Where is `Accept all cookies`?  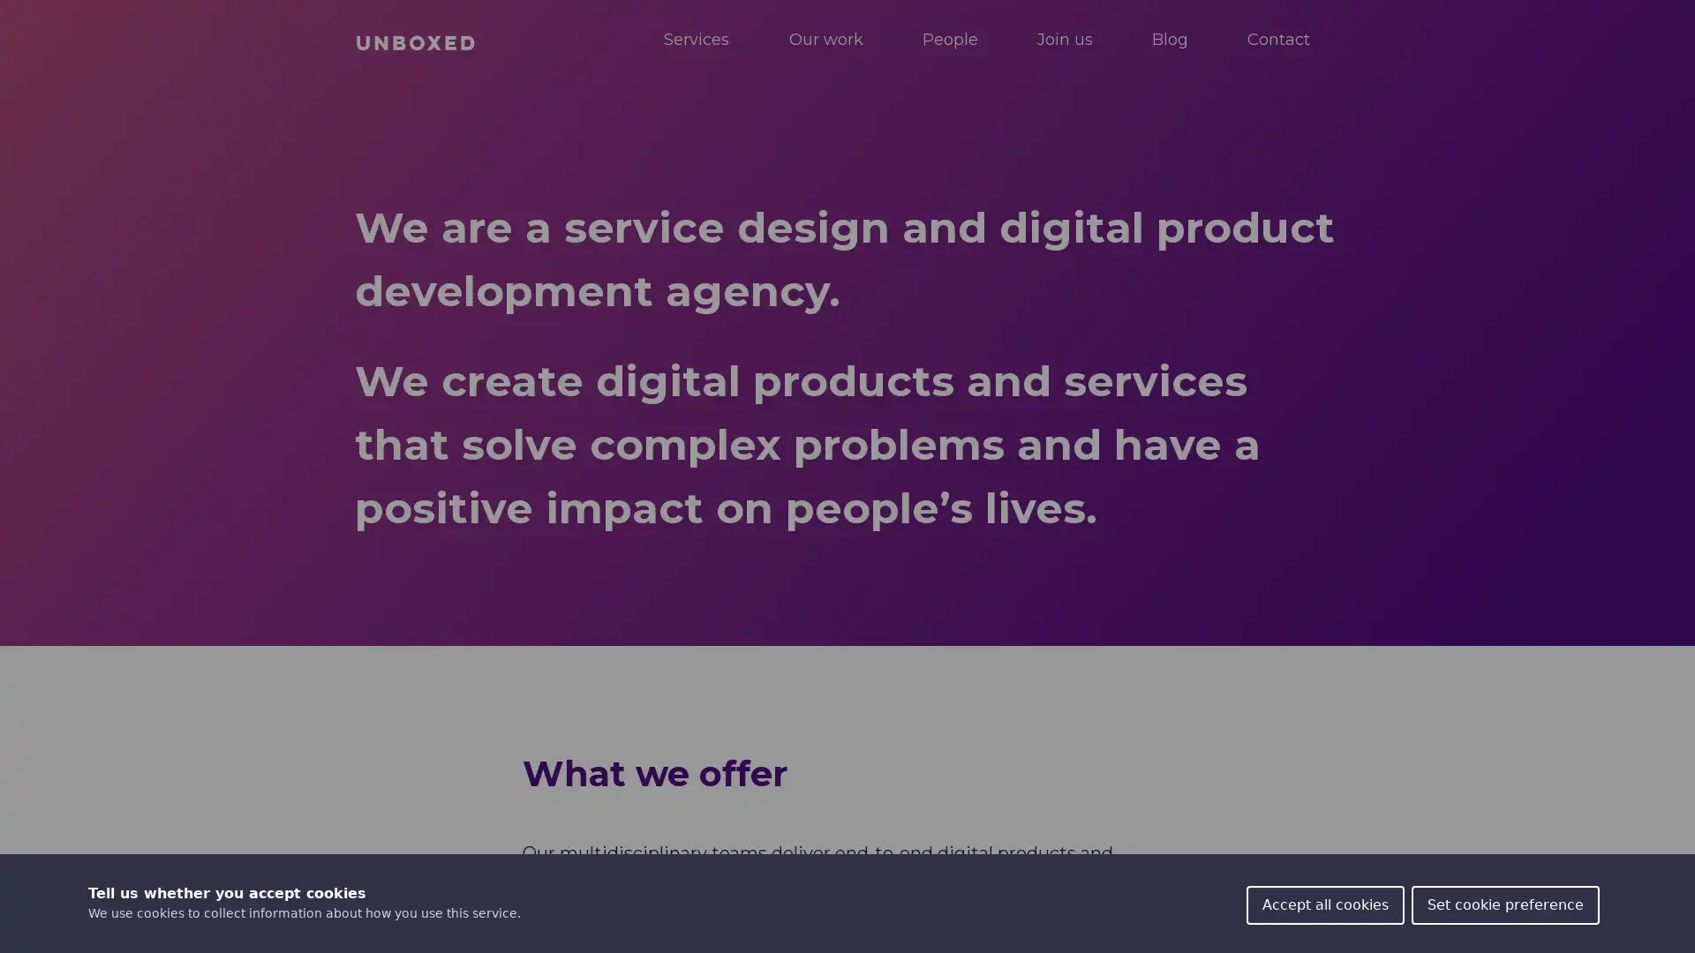
Accept all cookies is located at coordinates (1325, 905).